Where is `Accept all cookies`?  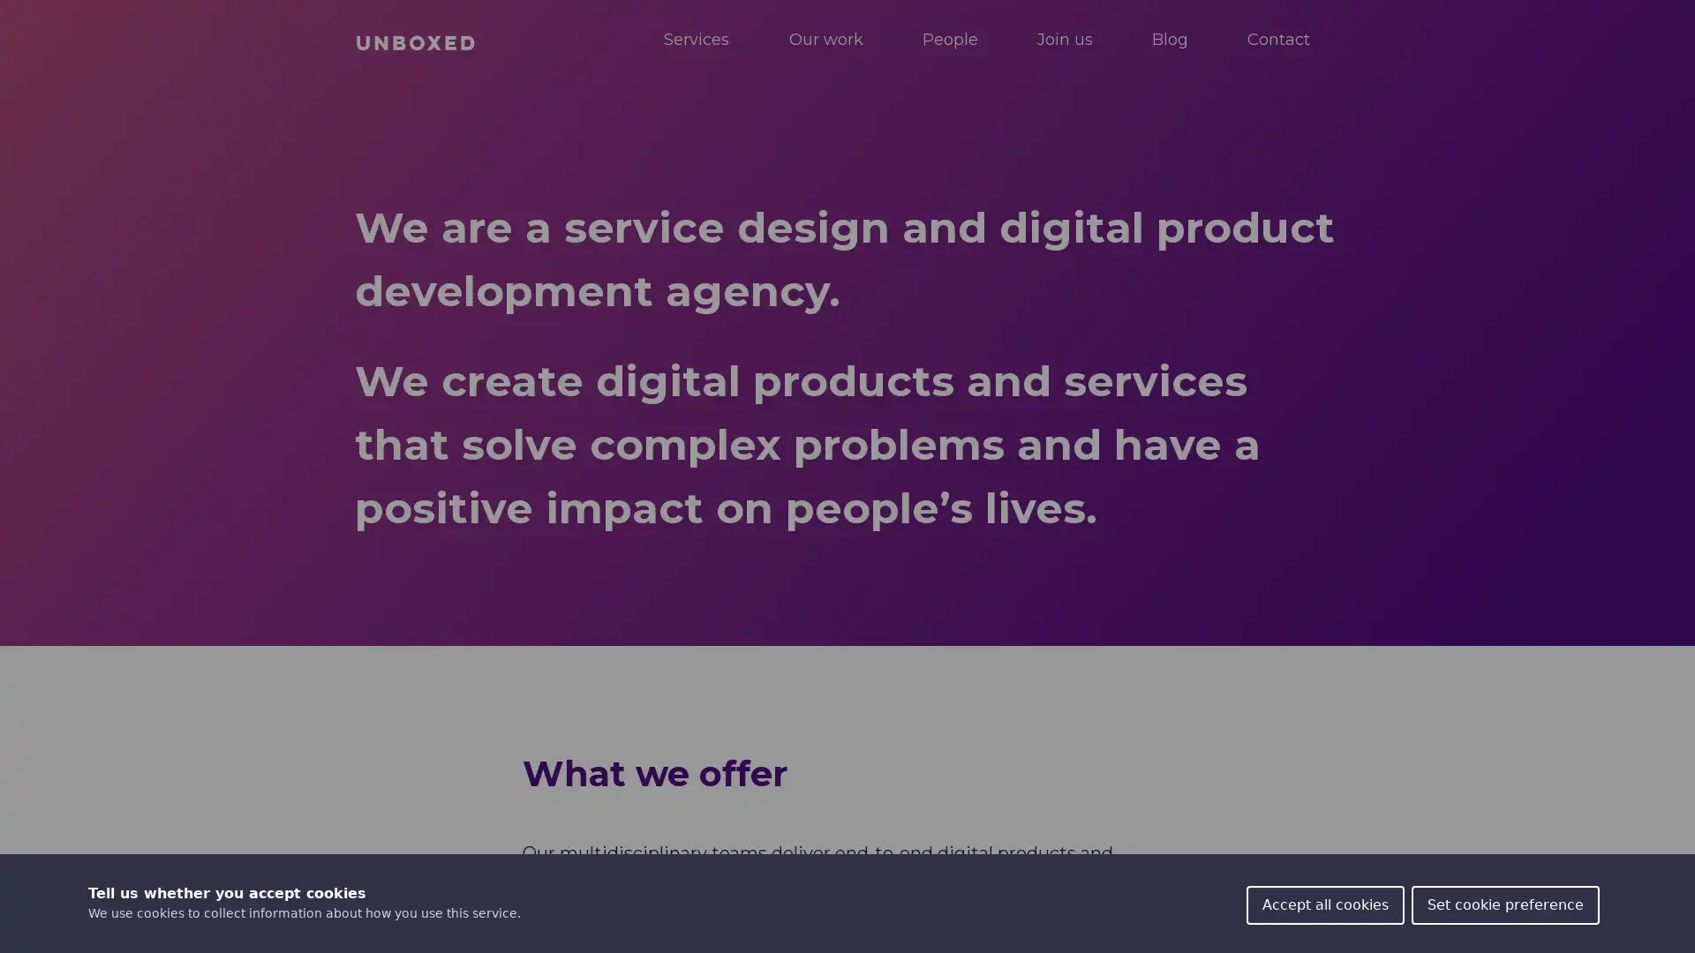
Accept all cookies is located at coordinates (1325, 905).